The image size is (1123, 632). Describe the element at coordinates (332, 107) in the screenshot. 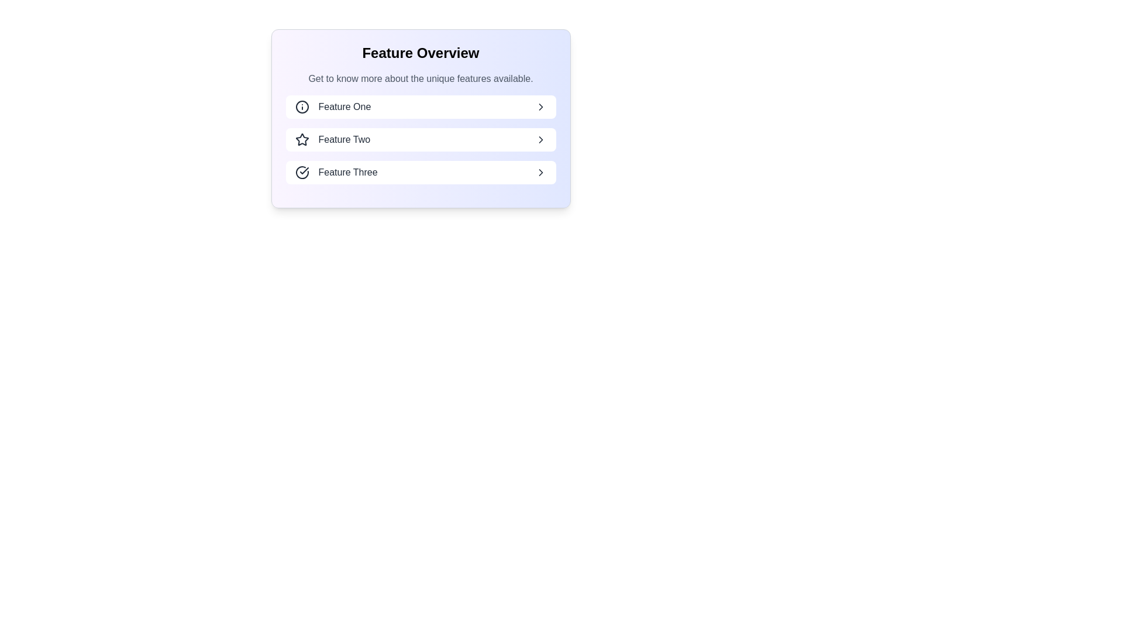

I see `the text label 'Feature One' in the navigation option list item, which includes an icon with an 'i' symbol to its left` at that location.